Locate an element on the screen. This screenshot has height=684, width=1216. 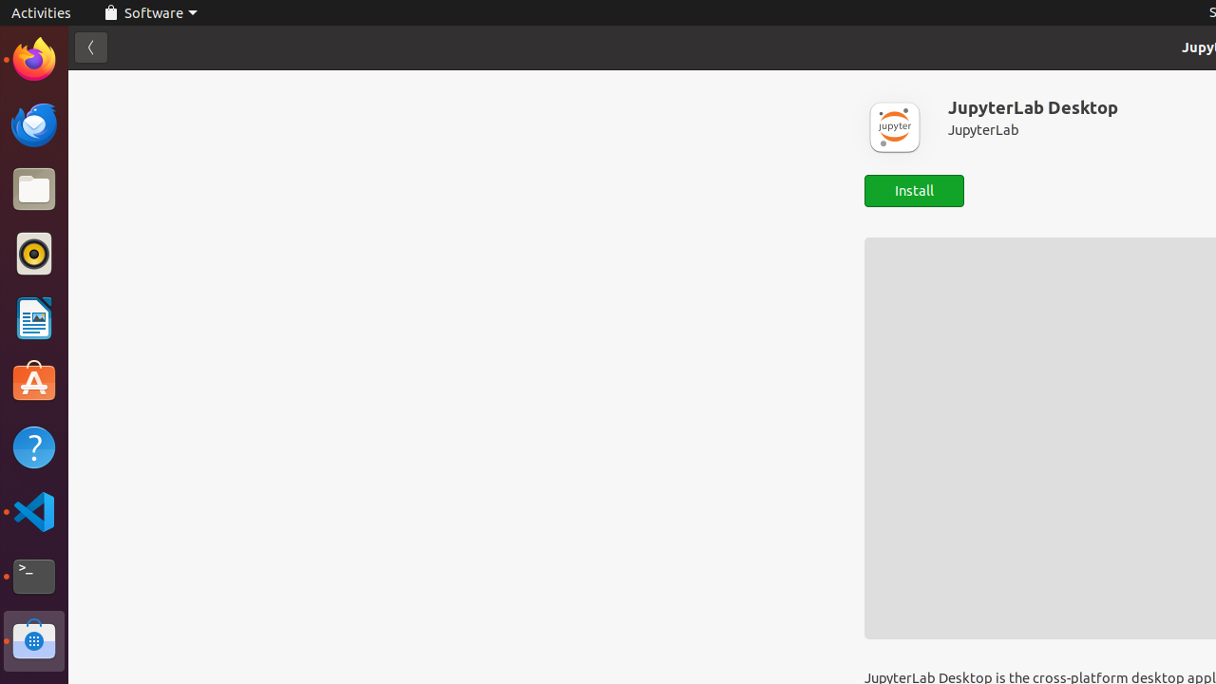
'Install' is located at coordinates (914, 191).